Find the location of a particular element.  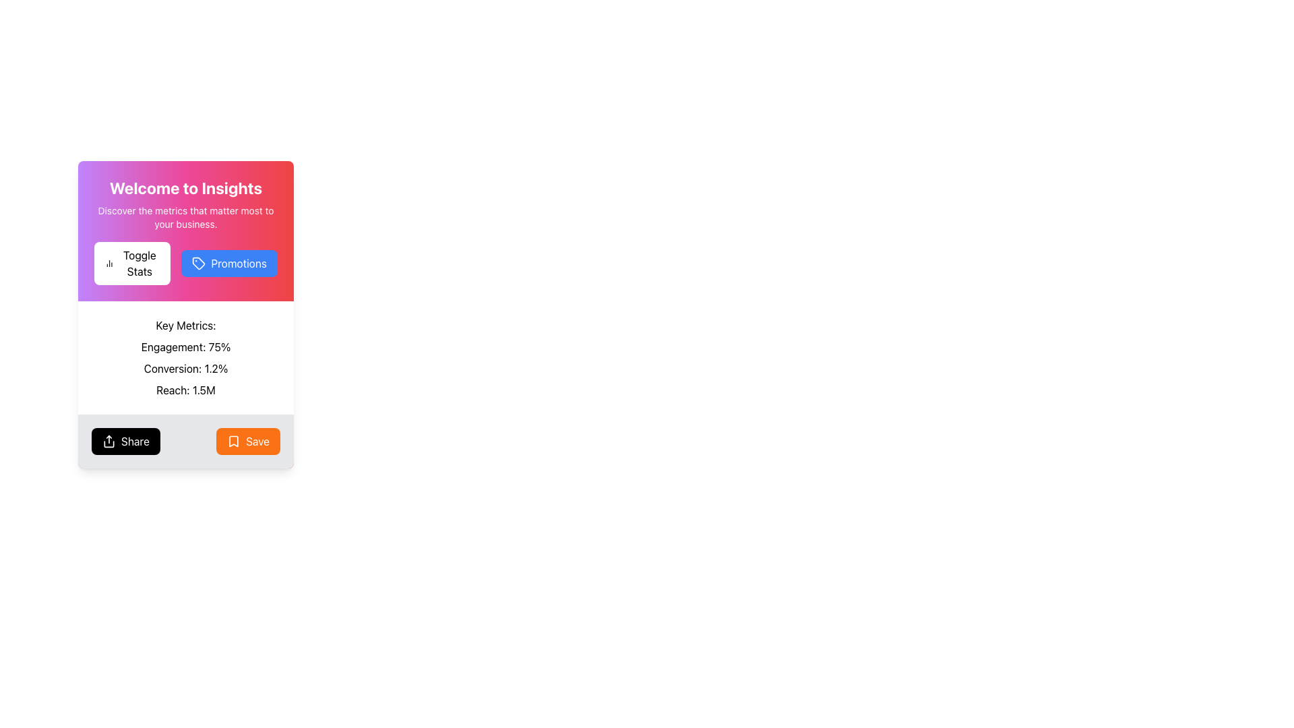

text displayed in the Text Label that shows 'Conversion: 1.2%' located in the Key Metrics list, positioned below 'Engagement: 75%' and above 'Reach: 1.5M' is located at coordinates (185, 369).